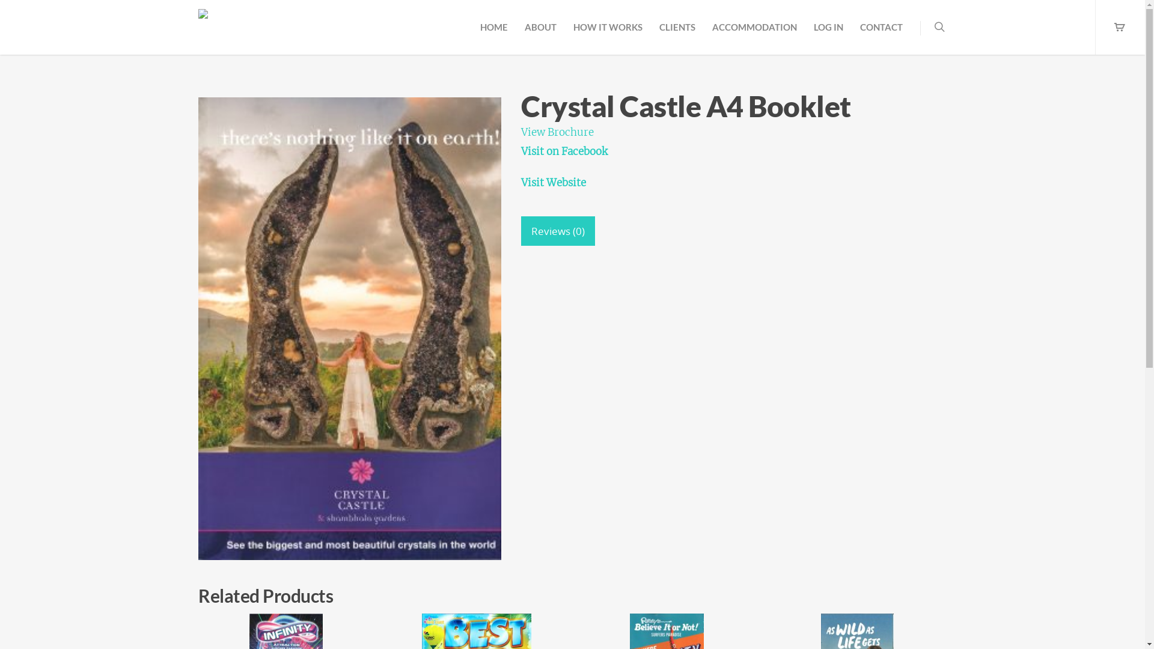 This screenshot has height=649, width=1154. Describe the element at coordinates (564, 150) in the screenshot. I see `'Visit on Facebook'` at that location.